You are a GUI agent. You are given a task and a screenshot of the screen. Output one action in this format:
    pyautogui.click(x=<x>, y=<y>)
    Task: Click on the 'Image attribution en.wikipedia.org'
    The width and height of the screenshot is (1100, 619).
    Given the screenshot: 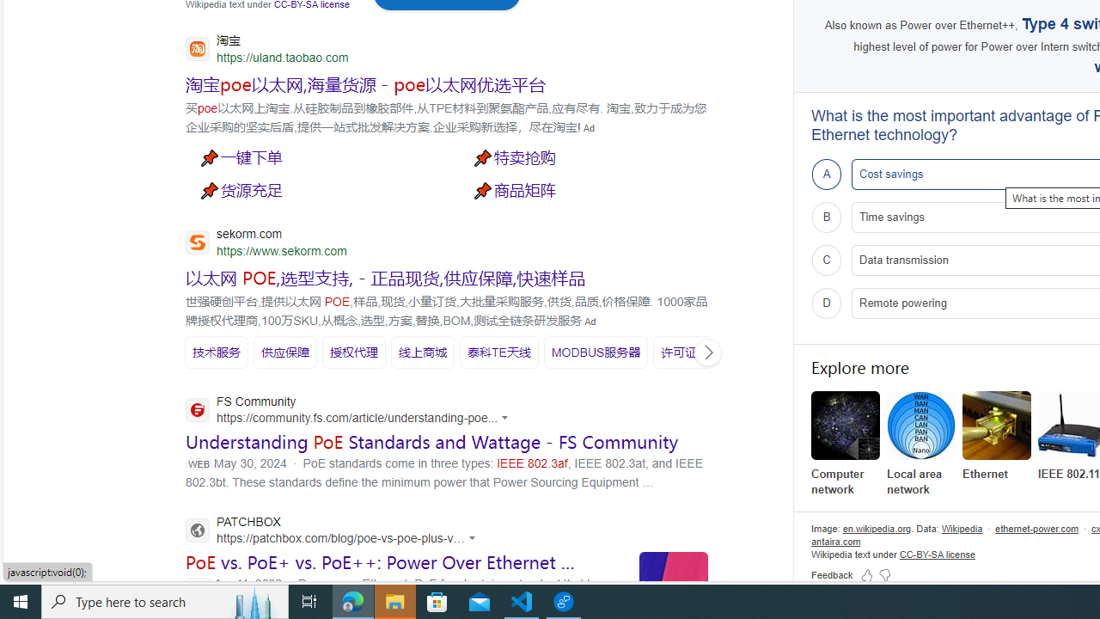 What is the action you would take?
    pyautogui.click(x=877, y=527)
    